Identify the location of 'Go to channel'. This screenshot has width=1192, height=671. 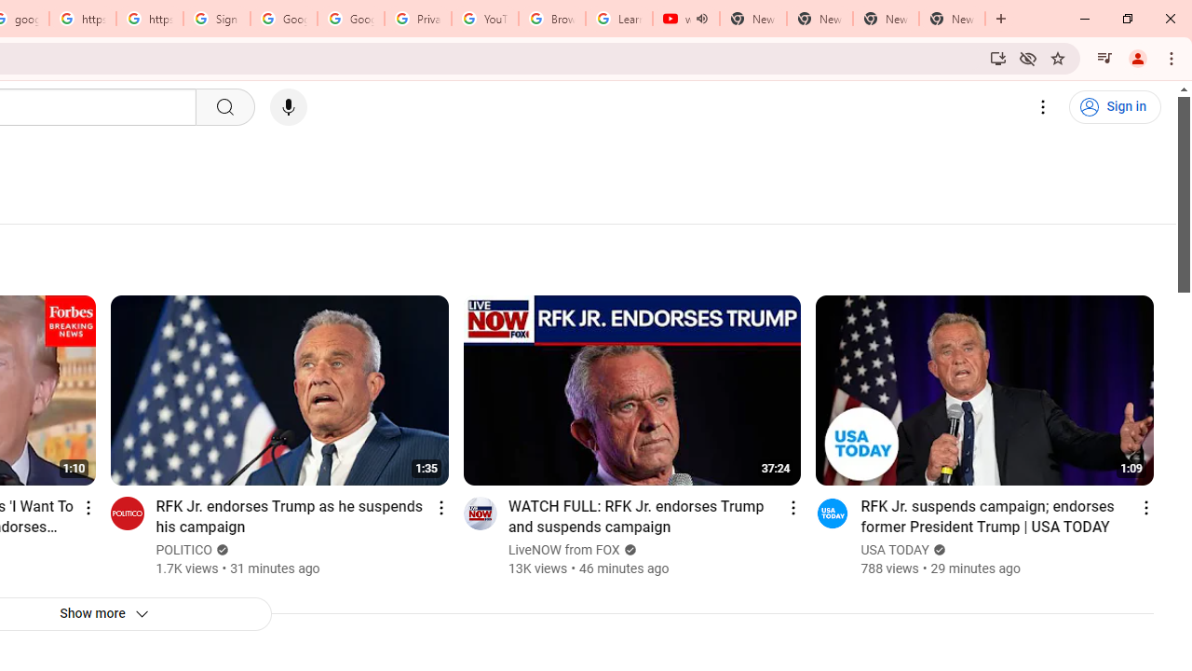
(832, 513).